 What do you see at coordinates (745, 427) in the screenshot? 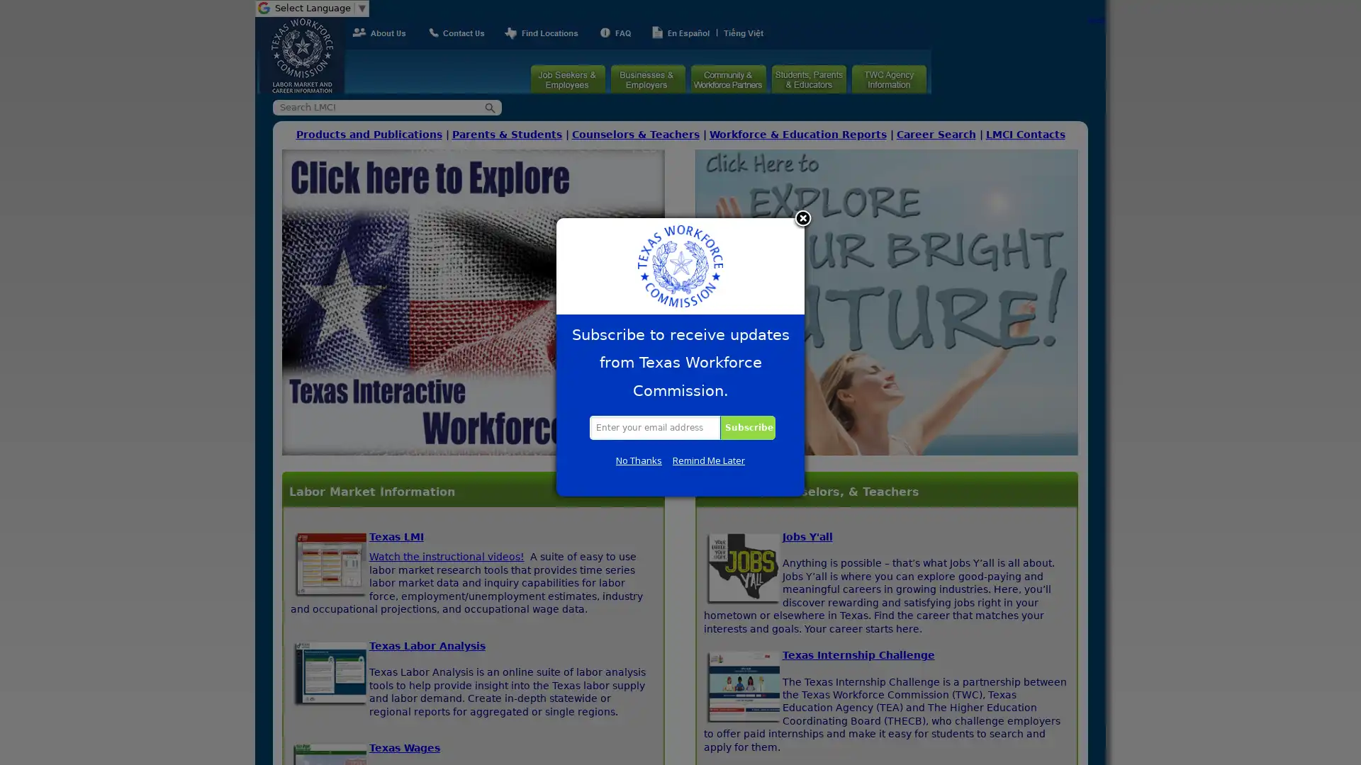
I see `Subscribe` at bounding box center [745, 427].